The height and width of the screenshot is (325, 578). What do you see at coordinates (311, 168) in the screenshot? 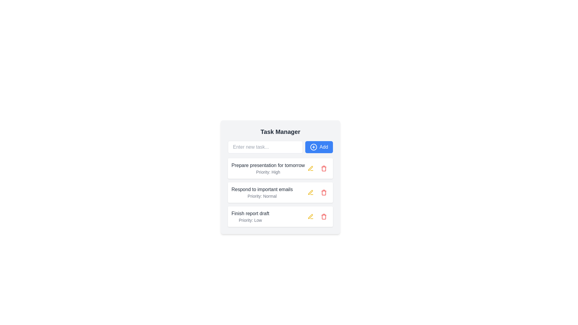
I see `the yellow edit icon button, which is a pen symbol positioned to the right of the second task title` at bounding box center [311, 168].